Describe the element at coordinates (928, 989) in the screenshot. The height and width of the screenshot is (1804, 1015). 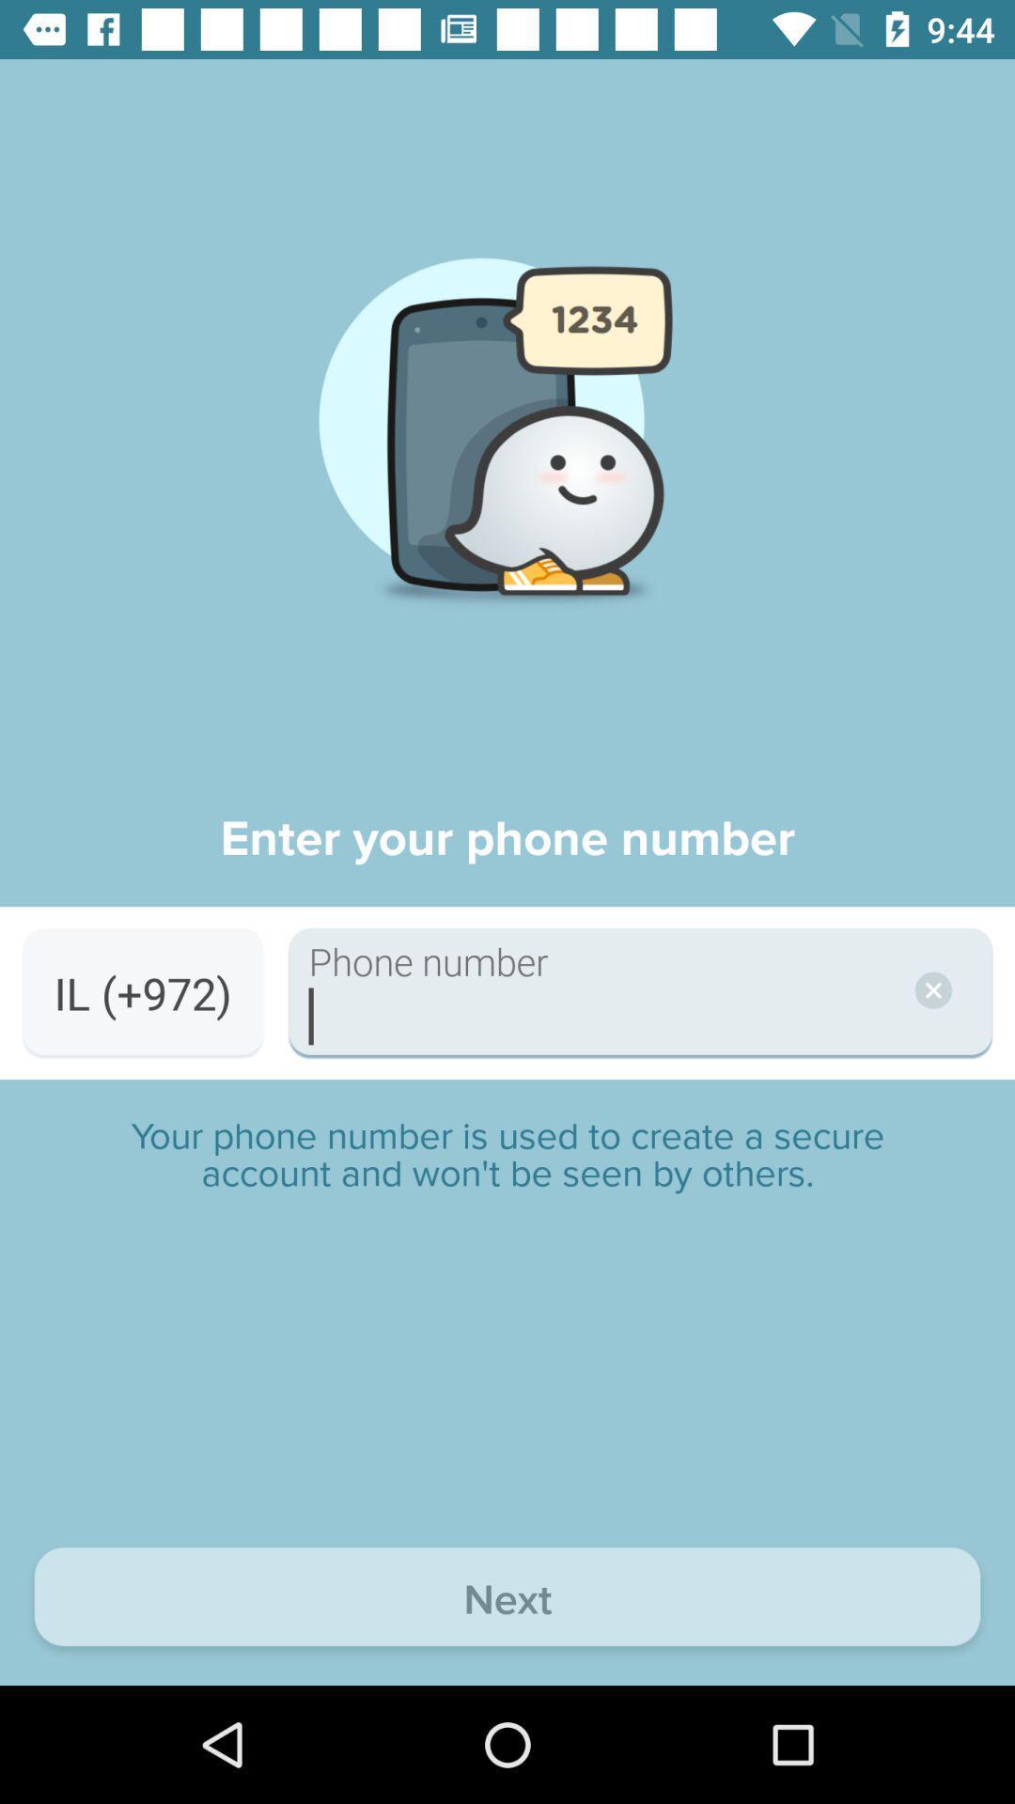
I see `the close icon` at that location.